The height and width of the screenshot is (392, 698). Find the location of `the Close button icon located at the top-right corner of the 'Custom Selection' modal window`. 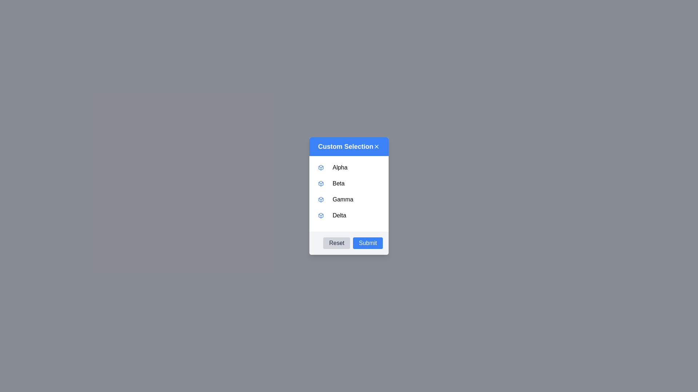

the Close button icon located at the top-right corner of the 'Custom Selection' modal window is located at coordinates (377, 147).